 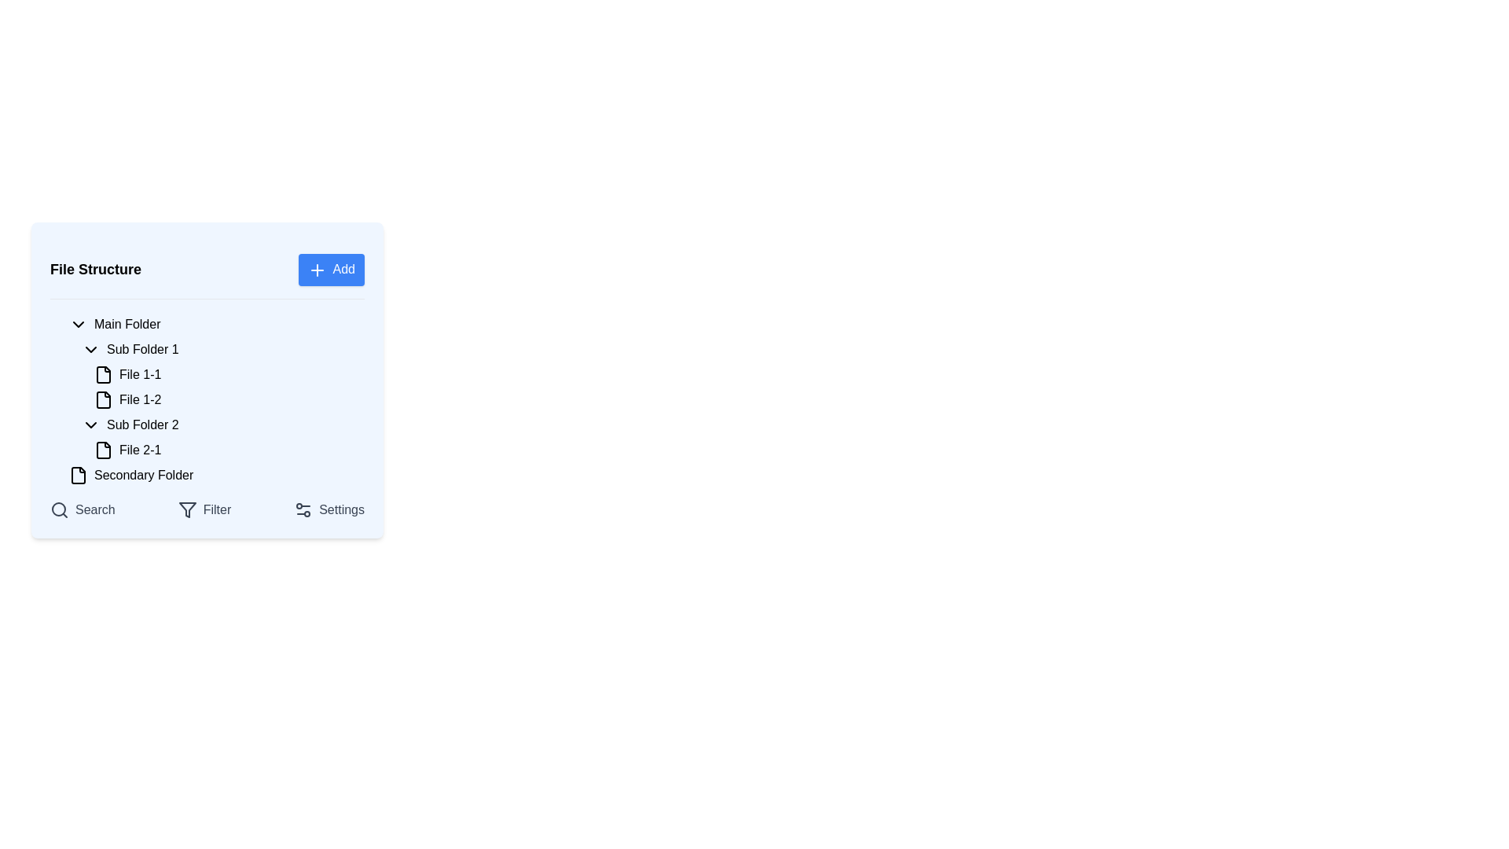 What do you see at coordinates (103, 449) in the screenshot?
I see `the file icon representing 'File 2-1', which is styled as an outline with a folded corner, located in the 'Sub Folder 2' section of the 'File Structure' hierarchy widget` at bounding box center [103, 449].